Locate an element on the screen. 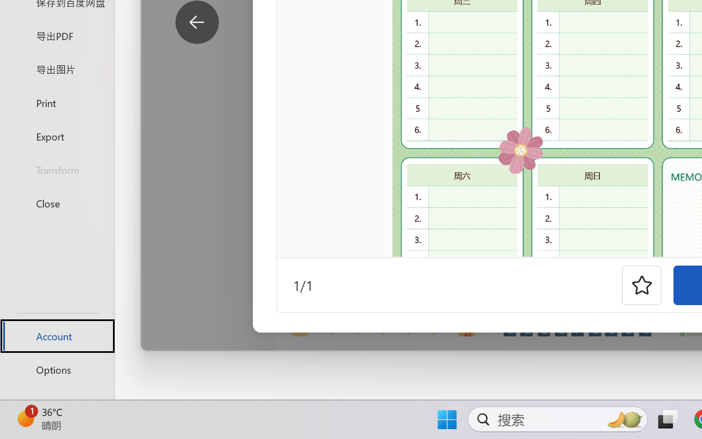 This screenshot has height=439, width=702. 'Account' is located at coordinates (56, 336).